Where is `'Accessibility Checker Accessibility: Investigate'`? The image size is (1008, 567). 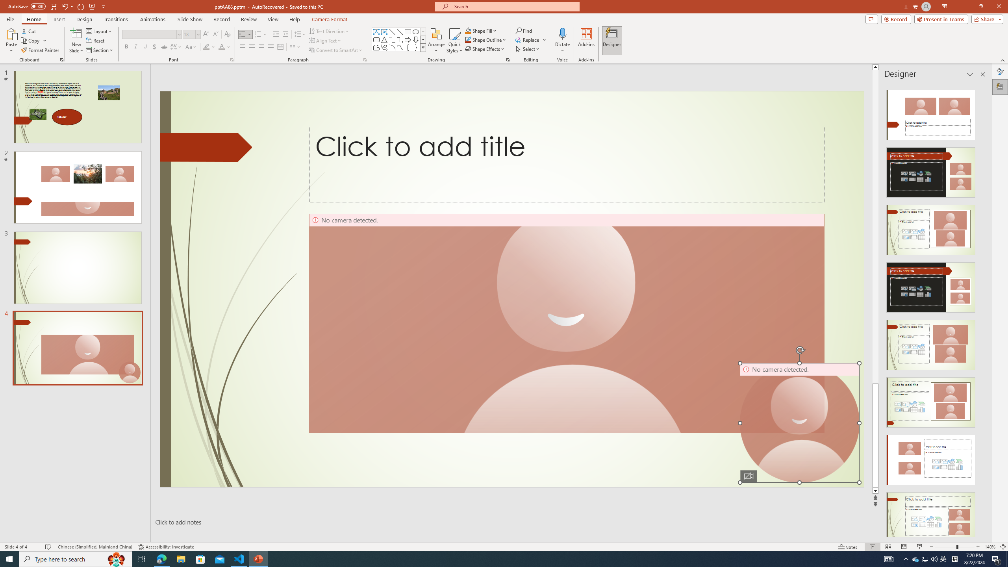
'Accessibility Checker Accessibility: Investigate' is located at coordinates (166, 547).